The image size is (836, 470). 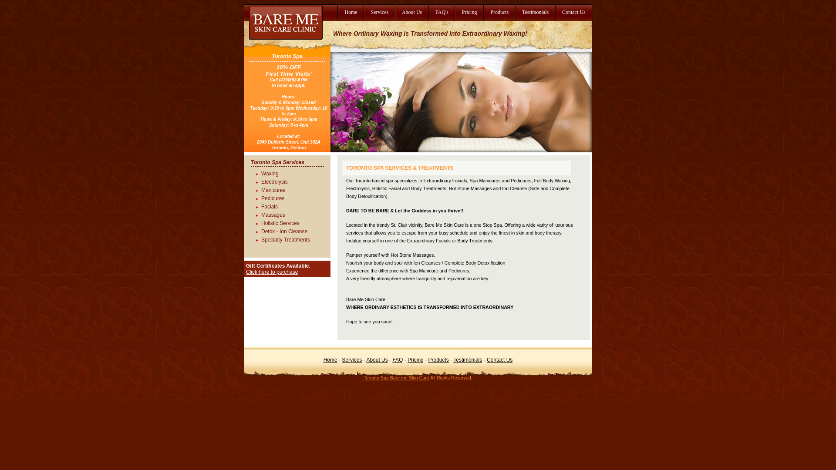 What do you see at coordinates (294, 205) in the screenshot?
I see `'Facials'` at bounding box center [294, 205].